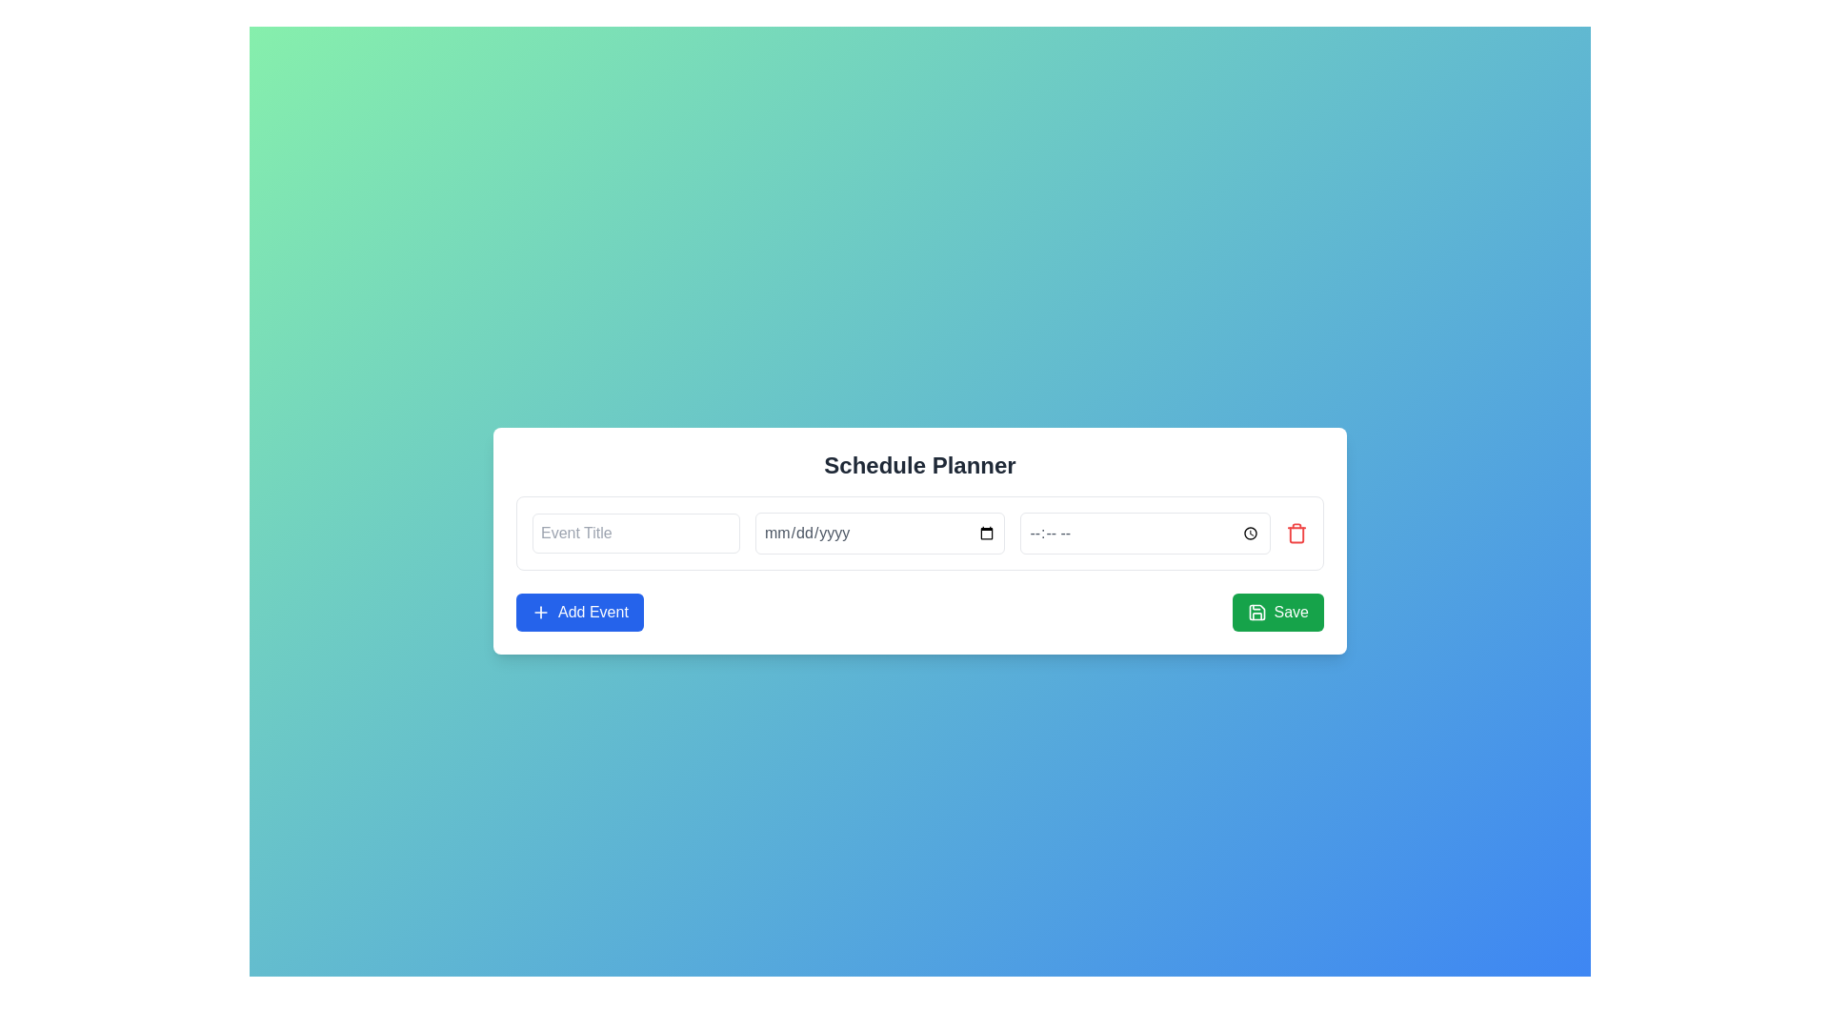  What do you see at coordinates (539, 613) in the screenshot?
I see `plus sign icon located within the blue button to the left of the 'Add Event' text` at bounding box center [539, 613].